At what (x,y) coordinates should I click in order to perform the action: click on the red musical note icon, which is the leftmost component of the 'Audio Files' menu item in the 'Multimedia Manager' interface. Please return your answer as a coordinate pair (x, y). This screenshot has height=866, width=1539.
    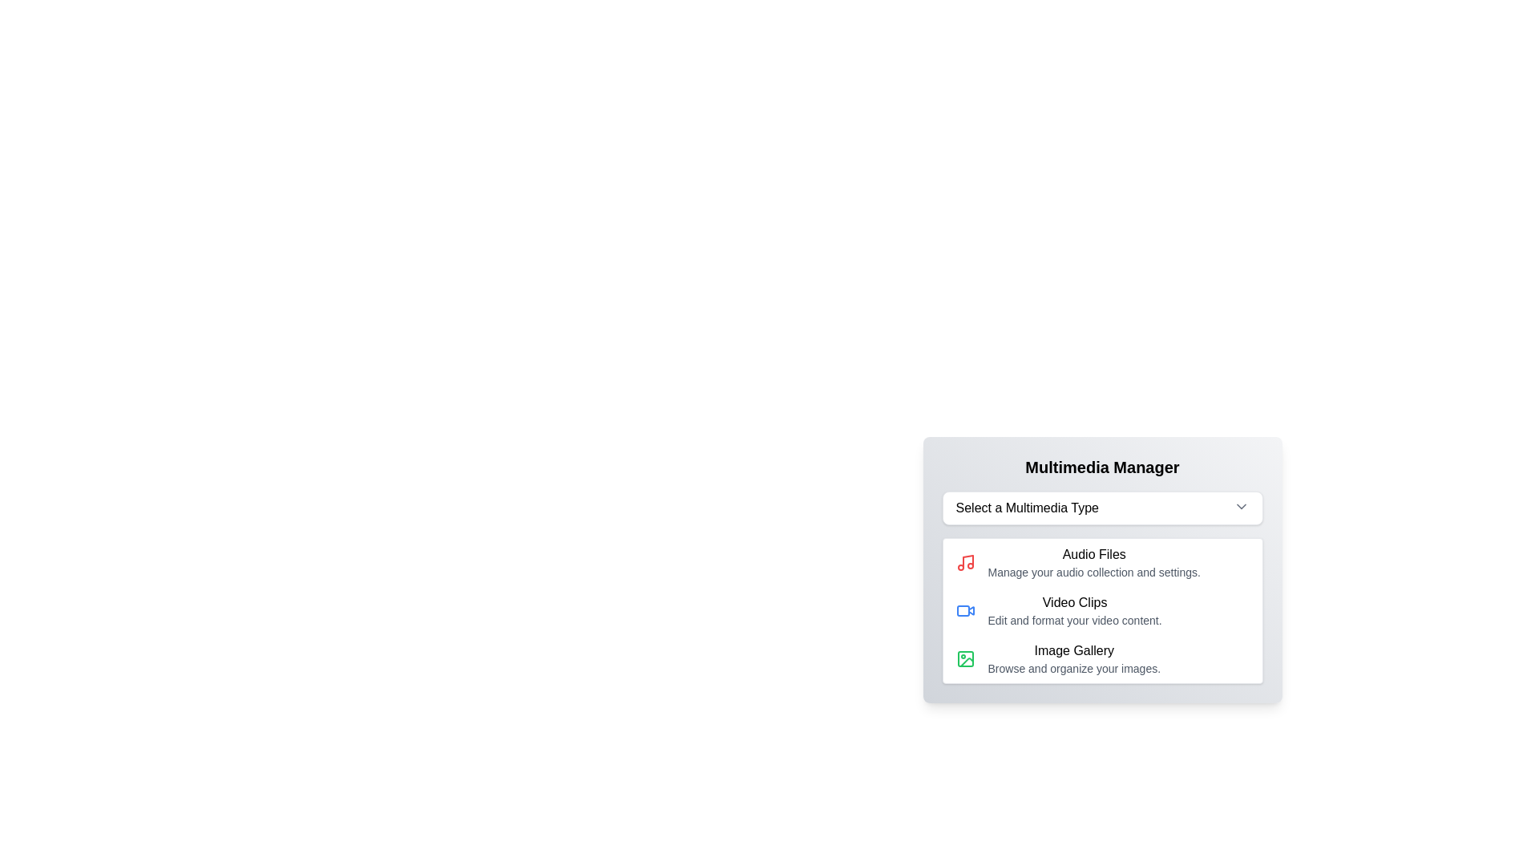
    Looking at the image, I should click on (964, 562).